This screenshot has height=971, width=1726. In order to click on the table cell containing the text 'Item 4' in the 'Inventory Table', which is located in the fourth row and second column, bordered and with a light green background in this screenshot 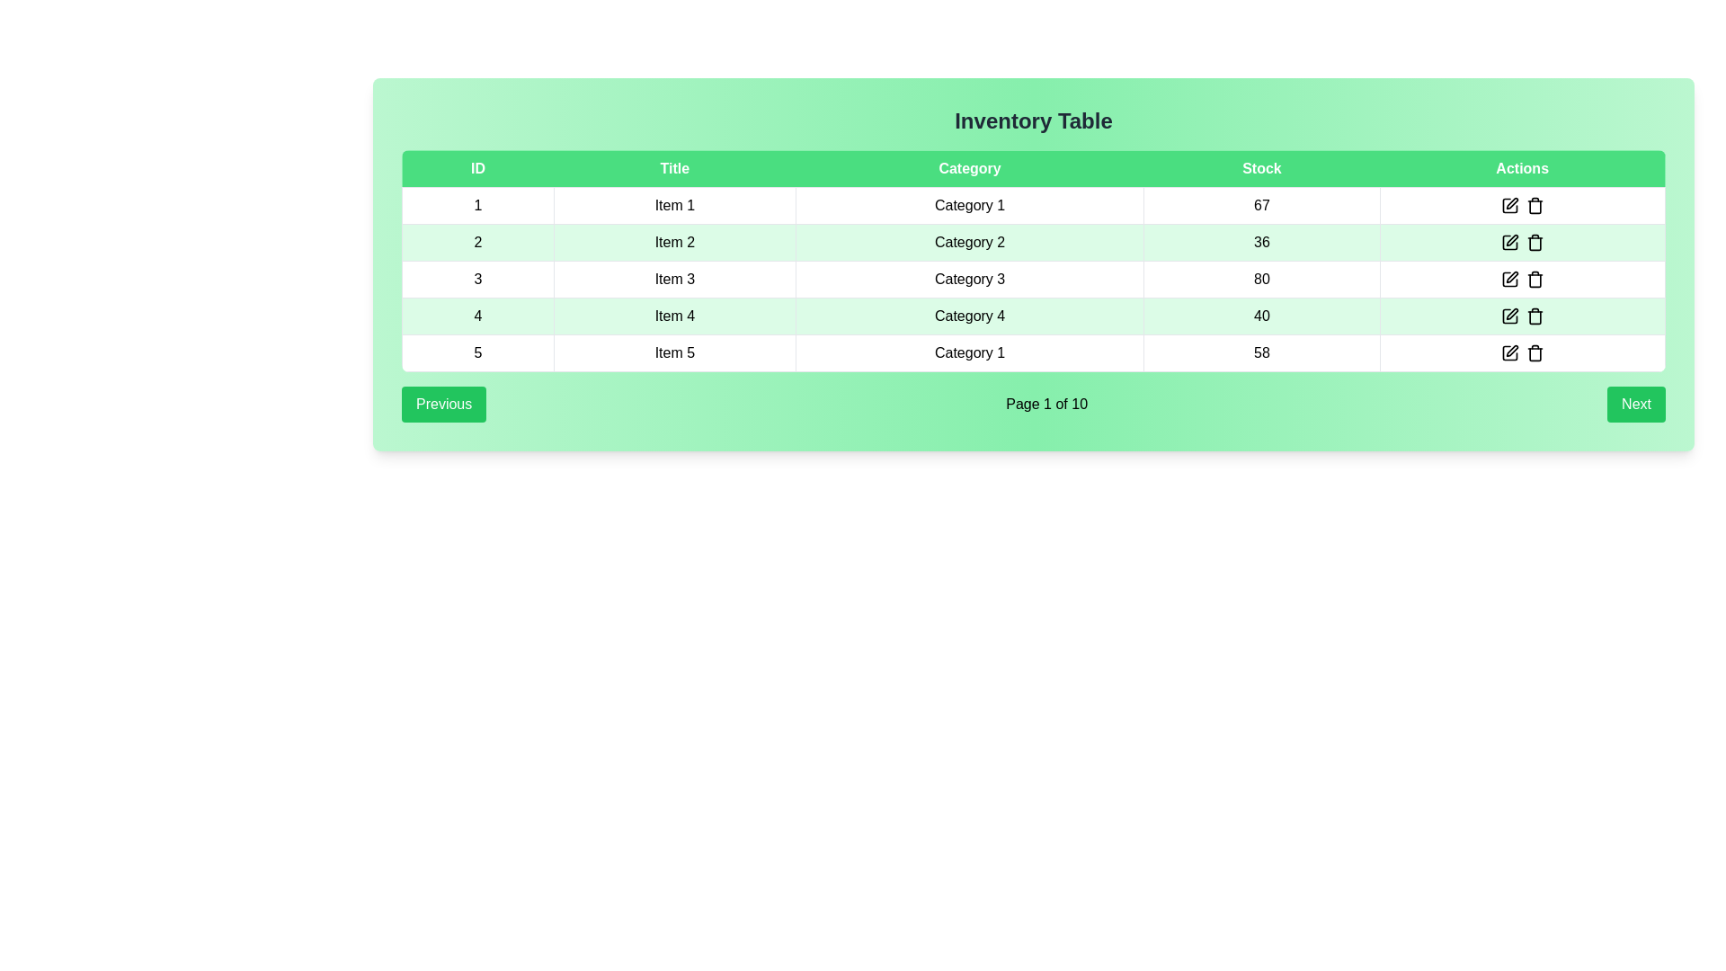, I will do `click(673, 315)`.